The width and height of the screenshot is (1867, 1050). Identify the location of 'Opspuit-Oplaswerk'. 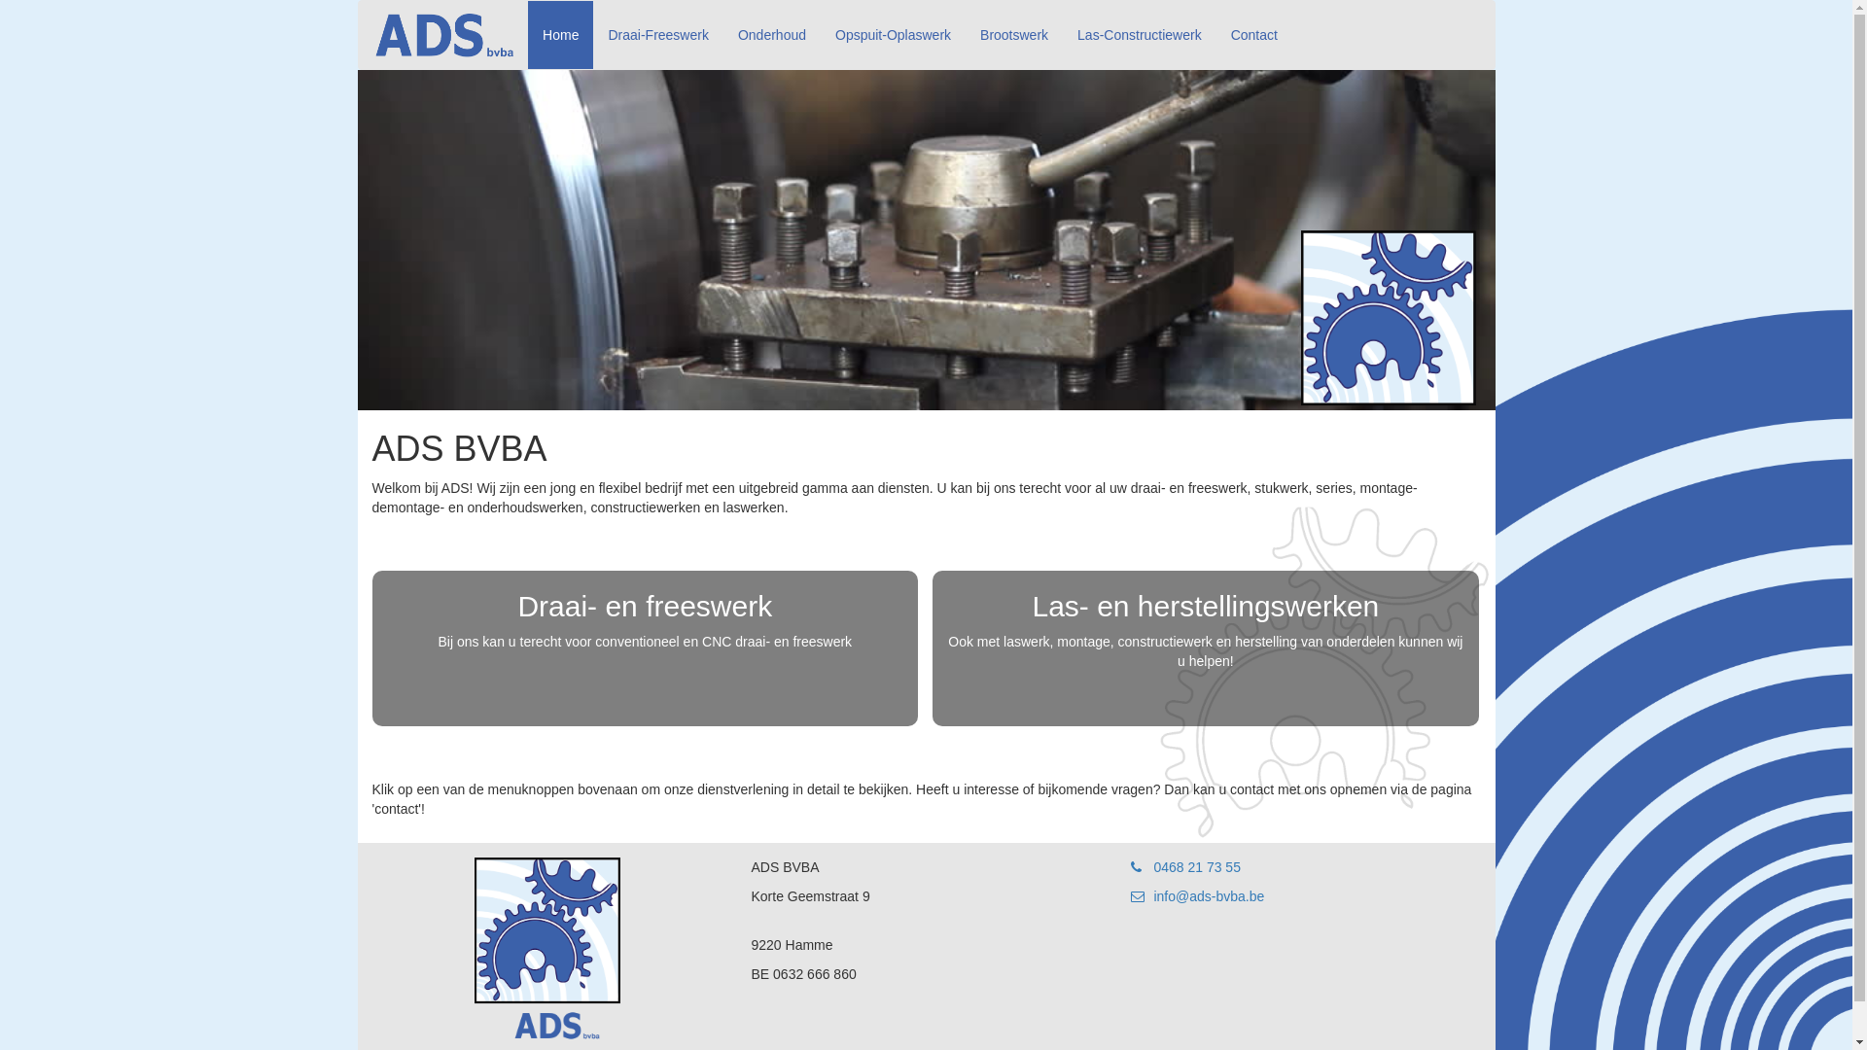
(892, 34).